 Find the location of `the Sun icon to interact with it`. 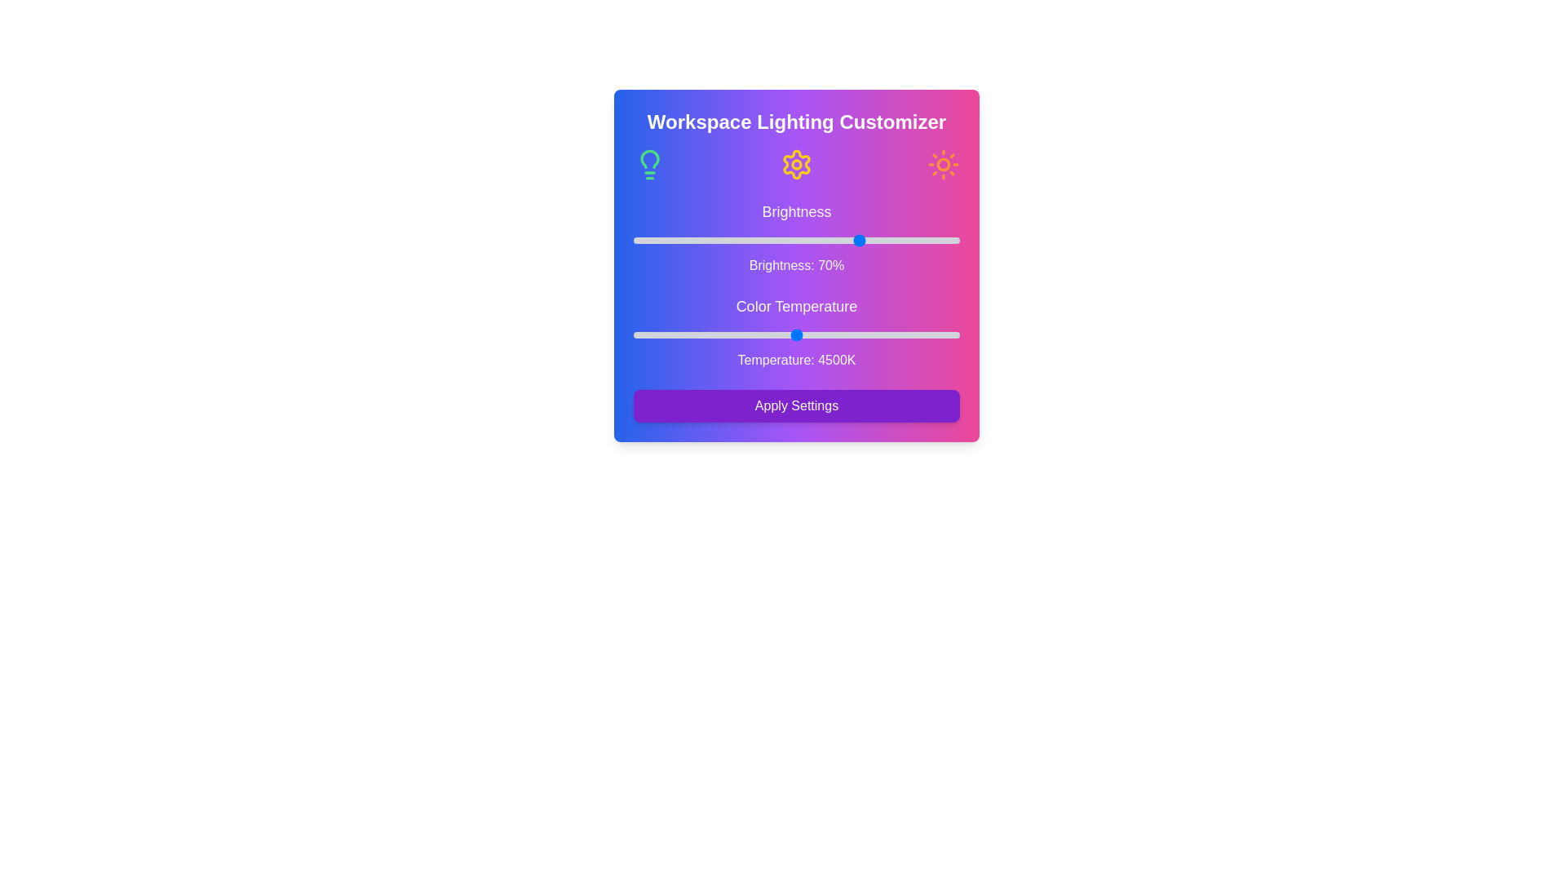

the Sun icon to interact with it is located at coordinates (943, 164).